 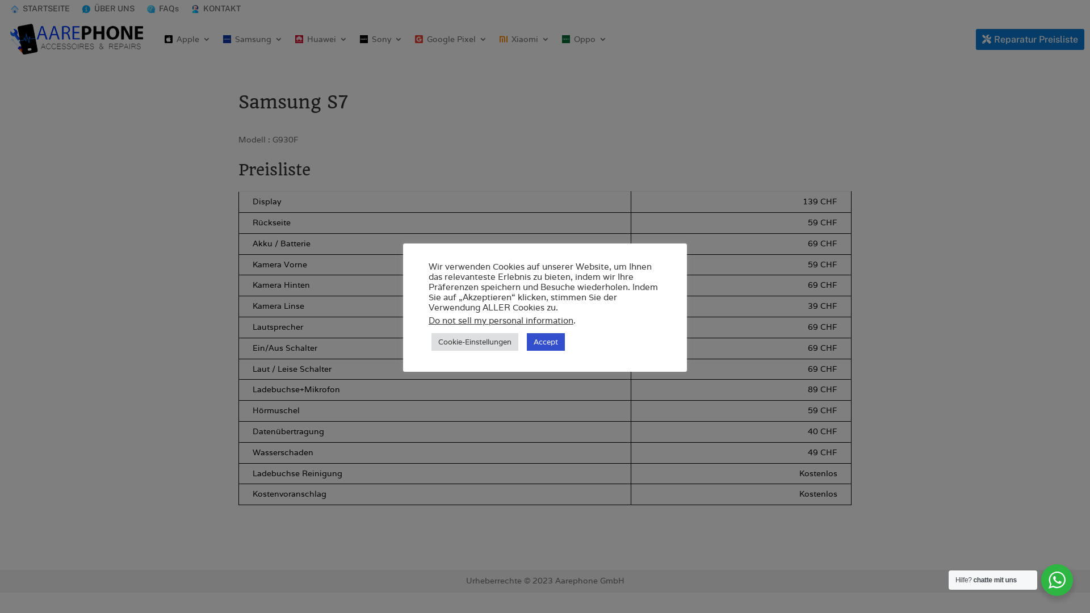 I want to click on 'Xiaomi', so click(x=523, y=39).